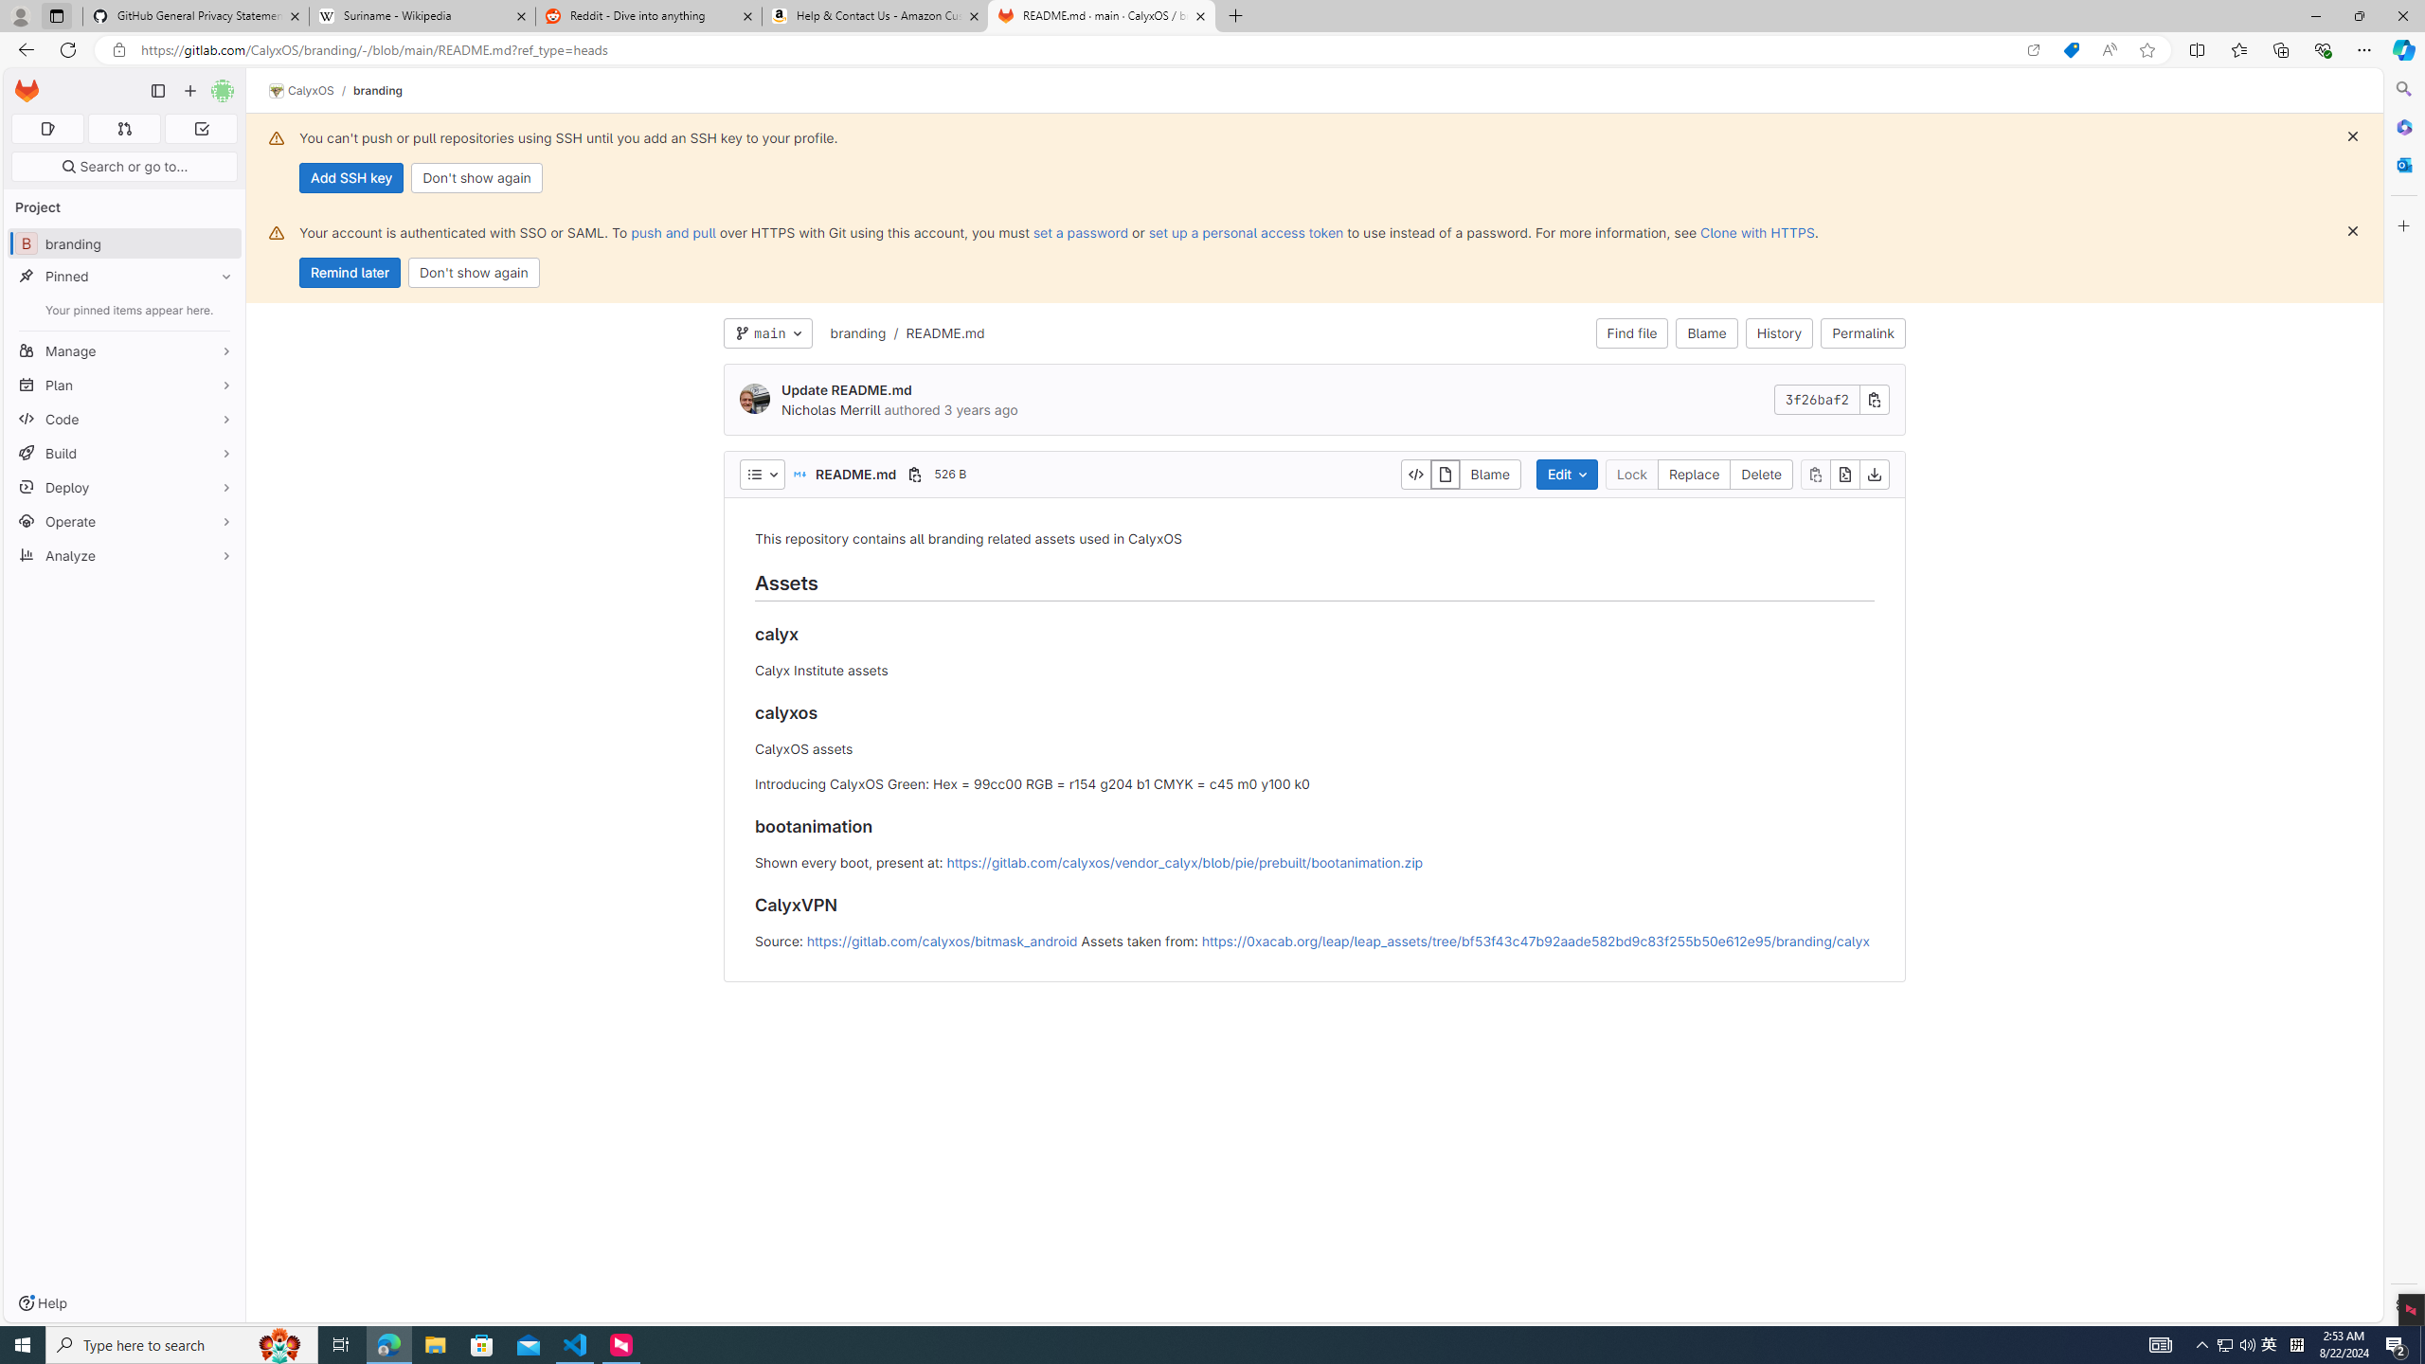 This screenshot has height=1364, width=2425. What do you see at coordinates (300, 90) in the screenshot?
I see `'CalyxOS'` at bounding box center [300, 90].